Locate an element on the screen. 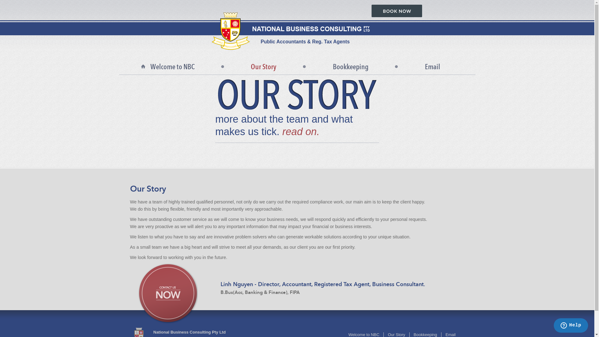 The width and height of the screenshot is (599, 337). 'read on.' is located at coordinates (301, 131).